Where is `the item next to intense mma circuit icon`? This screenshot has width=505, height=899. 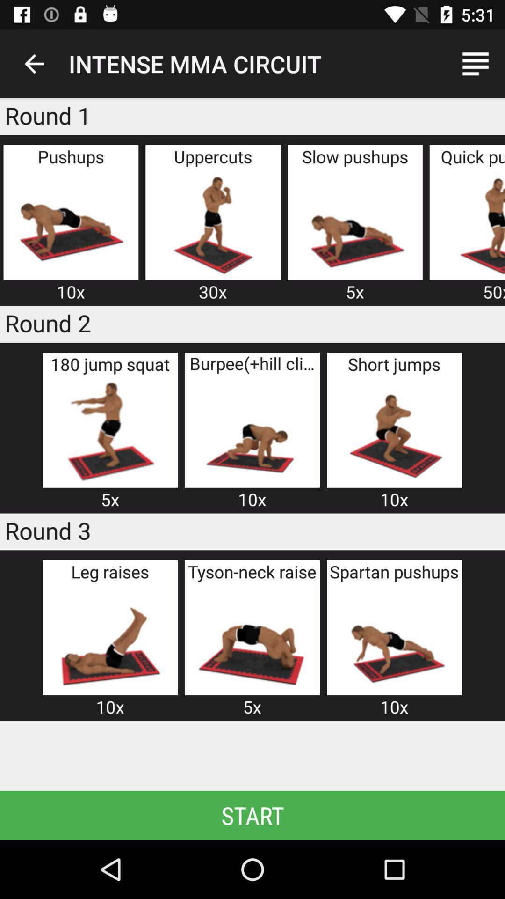
the item next to intense mma circuit icon is located at coordinates (34, 63).